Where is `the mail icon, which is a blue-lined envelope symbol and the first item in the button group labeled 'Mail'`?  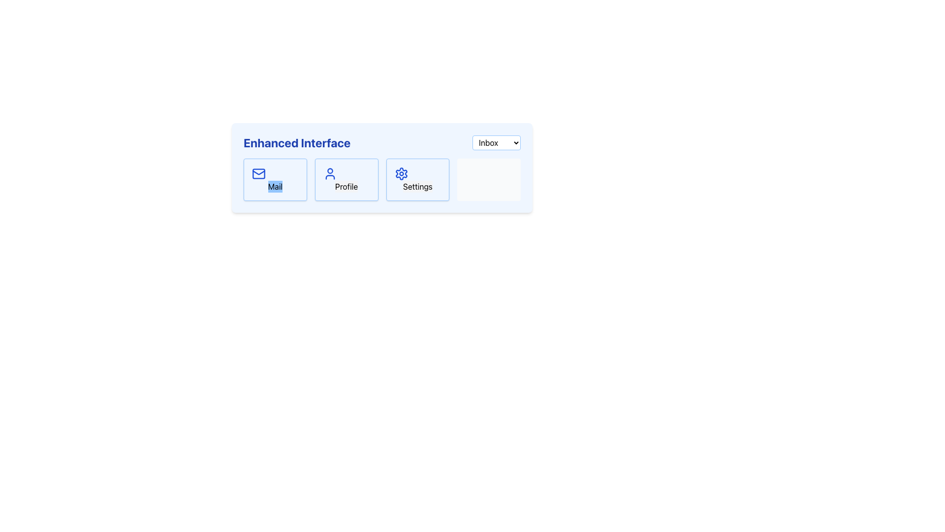 the mail icon, which is a blue-lined envelope symbol and the first item in the button group labeled 'Mail' is located at coordinates (259, 173).